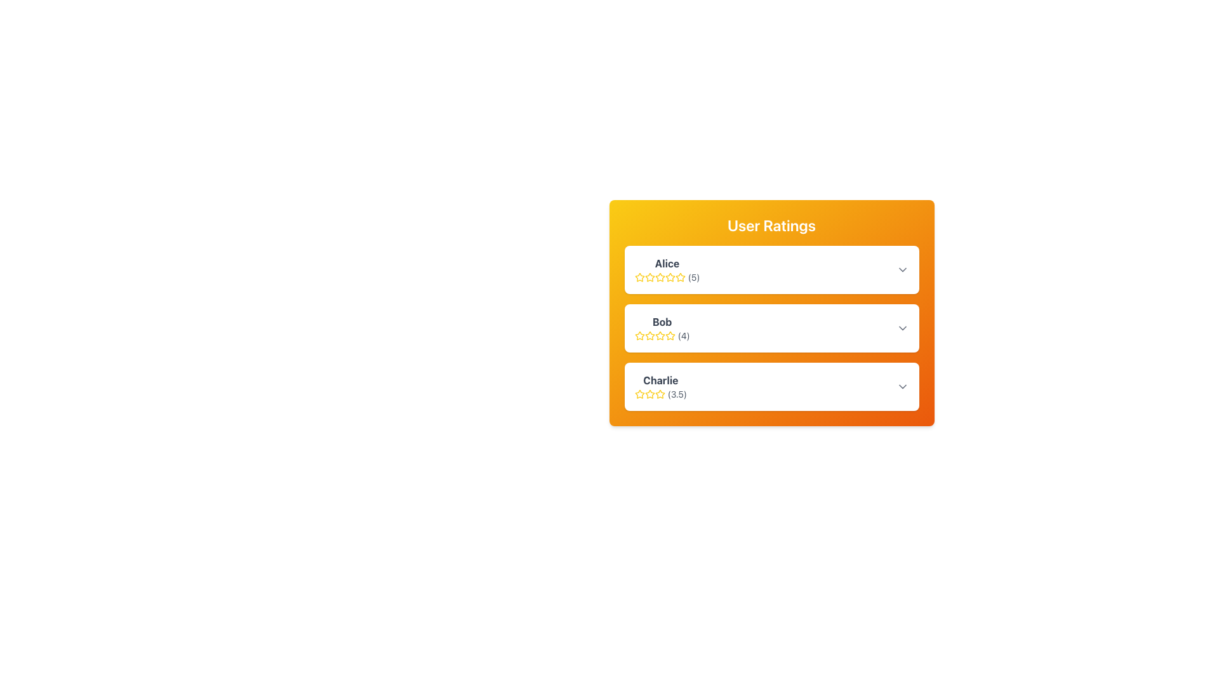  Describe the element at coordinates (660, 386) in the screenshot. I see `user's name 'Charlie' and their rating displayed in the user rating entry located inside a white background card at the bottom of the vertical stack under the header 'User Ratings'` at that location.